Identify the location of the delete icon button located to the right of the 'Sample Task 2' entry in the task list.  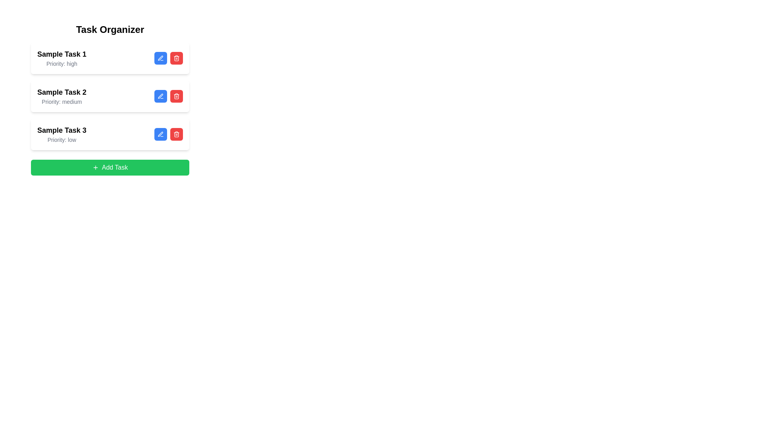
(176, 96).